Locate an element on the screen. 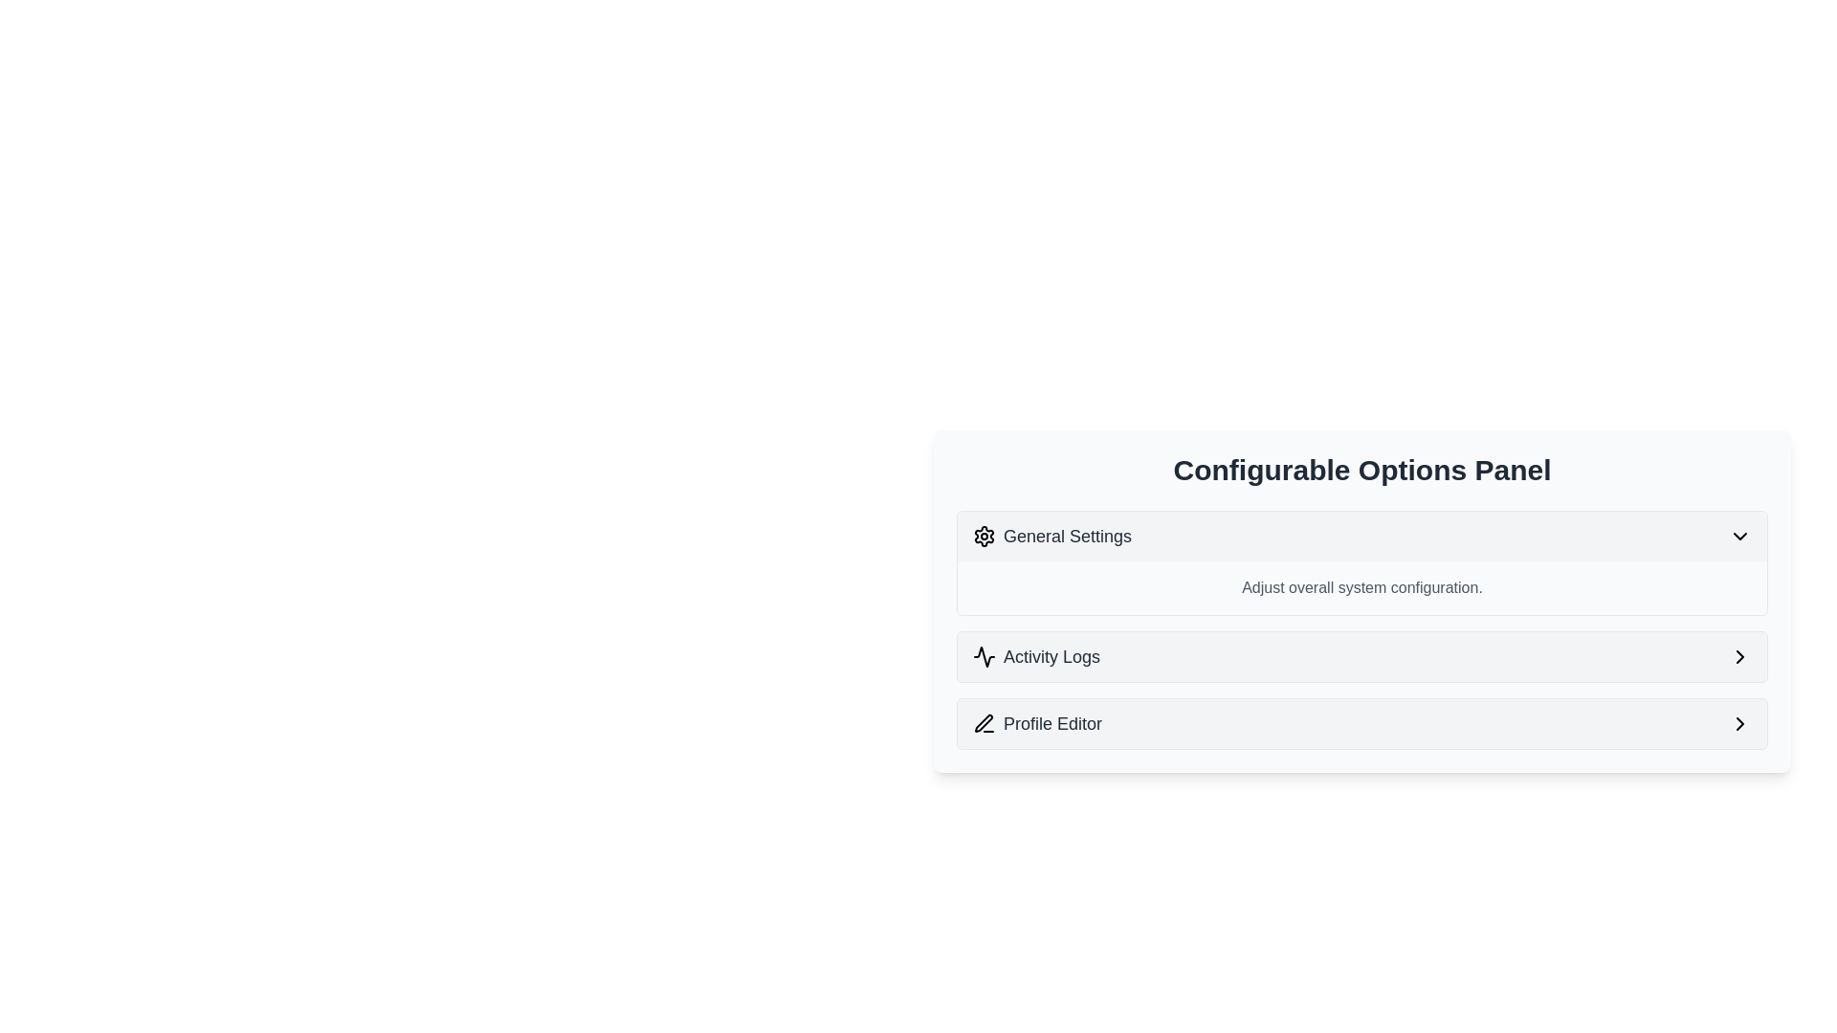 This screenshot has height=1033, width=1837. the selectable list item located between 'General Settings' and 'Profile Editor' is located at coordinates (1361, 655).